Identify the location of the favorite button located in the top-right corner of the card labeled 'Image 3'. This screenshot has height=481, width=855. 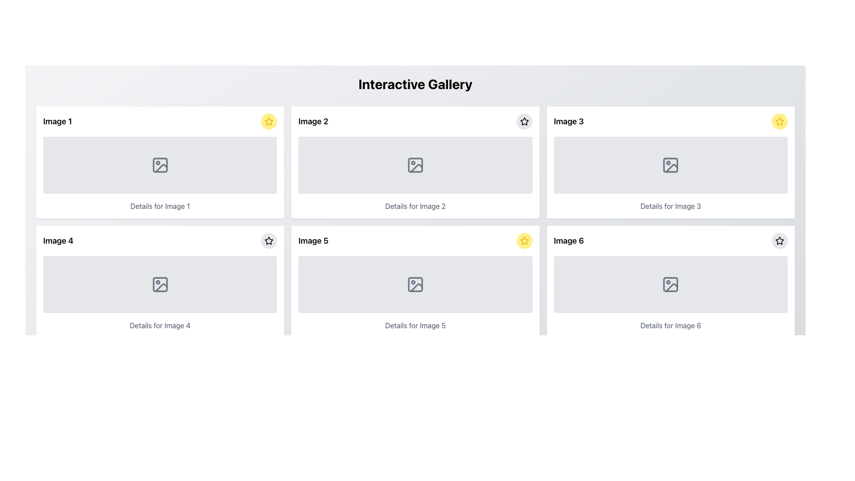
(779, 122).